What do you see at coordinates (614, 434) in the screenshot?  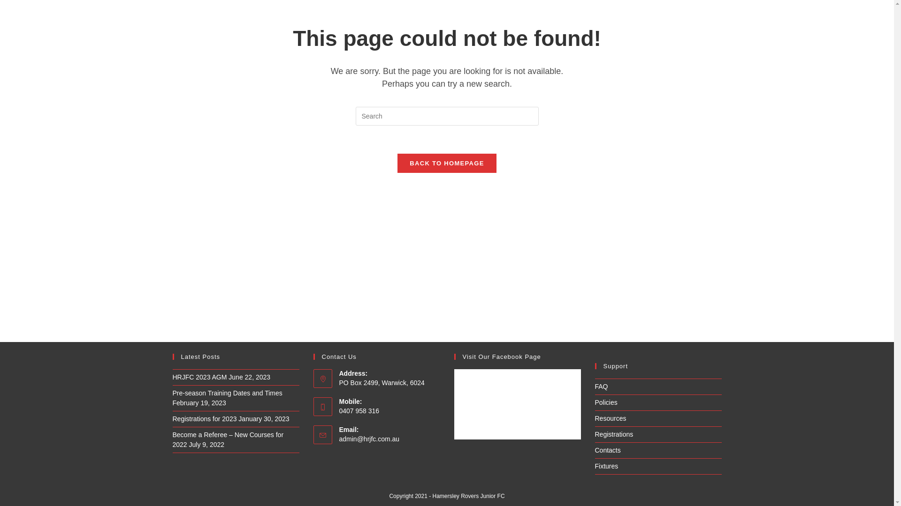 I see `'Registrations'` at bounding box center [614, 434].